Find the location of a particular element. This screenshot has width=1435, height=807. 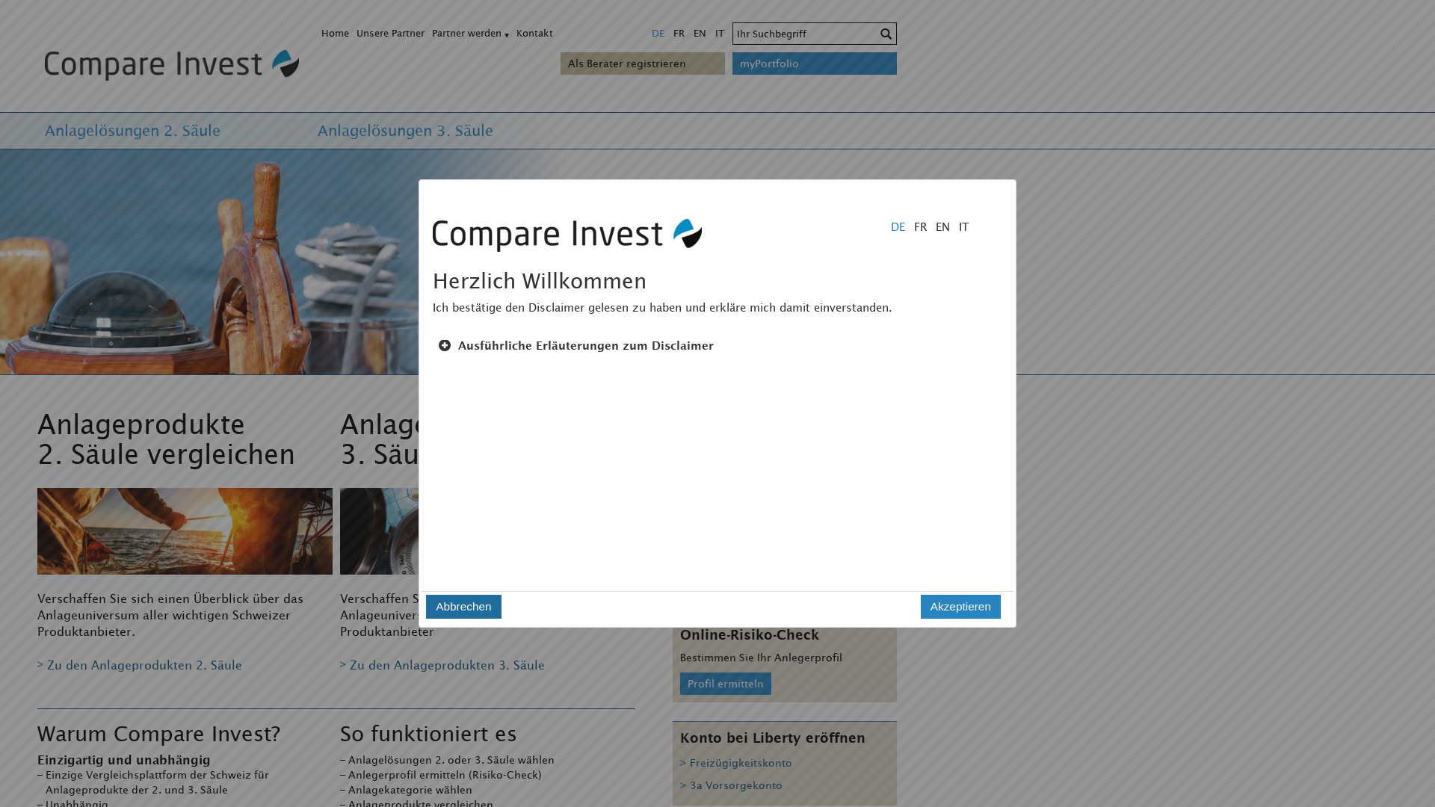

'Startseite' is located at coordinates (168, 63).